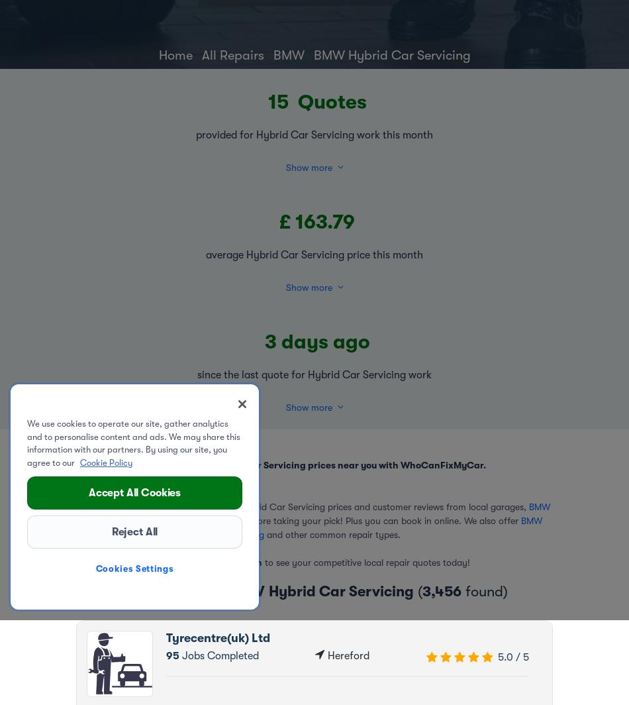 The image size is (629, 705). Describe the element at coordinates (316, 221) in the screenshot. I see `'£ 163.79'` at that location.